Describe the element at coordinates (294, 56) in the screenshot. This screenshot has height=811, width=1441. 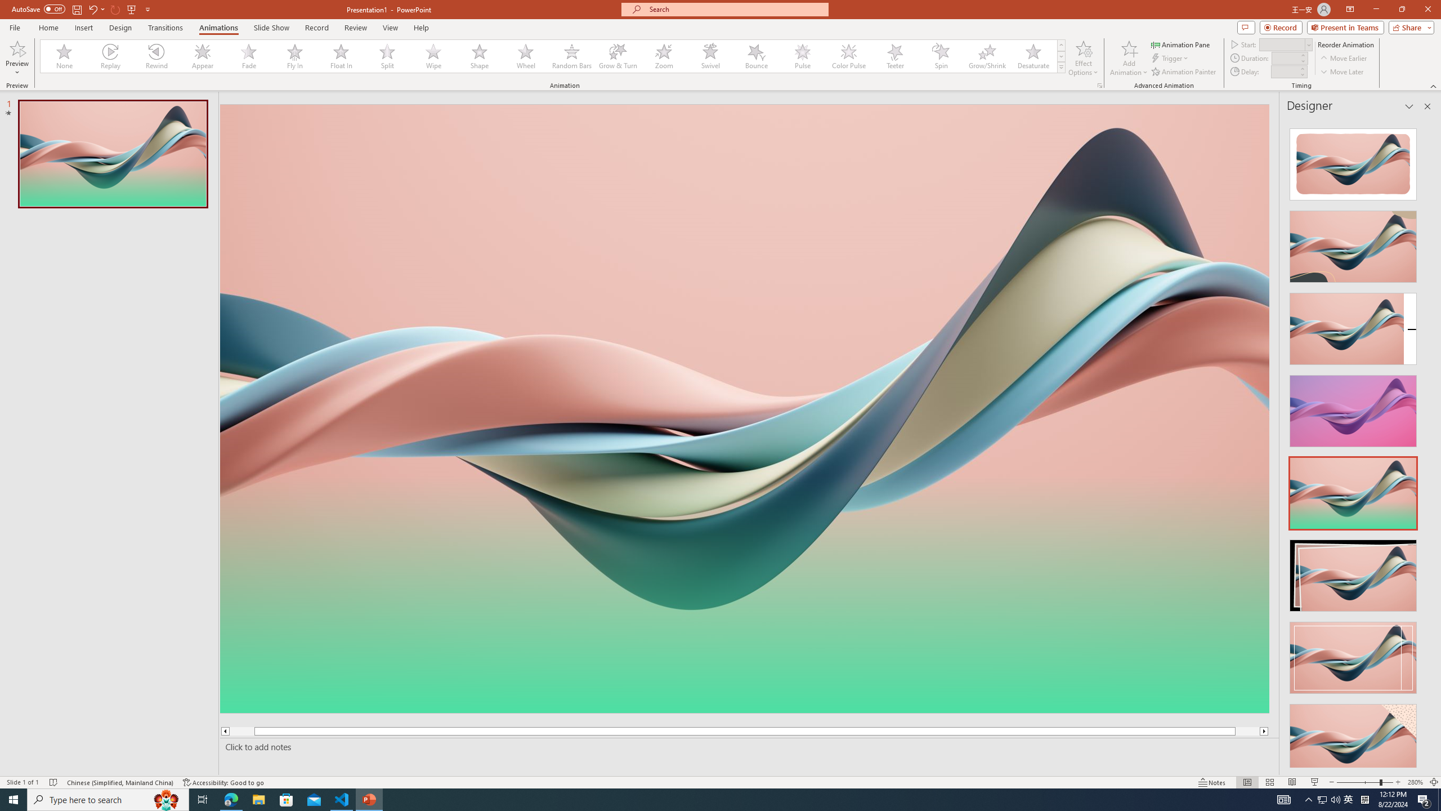
I see `'Fly In'` at that location.